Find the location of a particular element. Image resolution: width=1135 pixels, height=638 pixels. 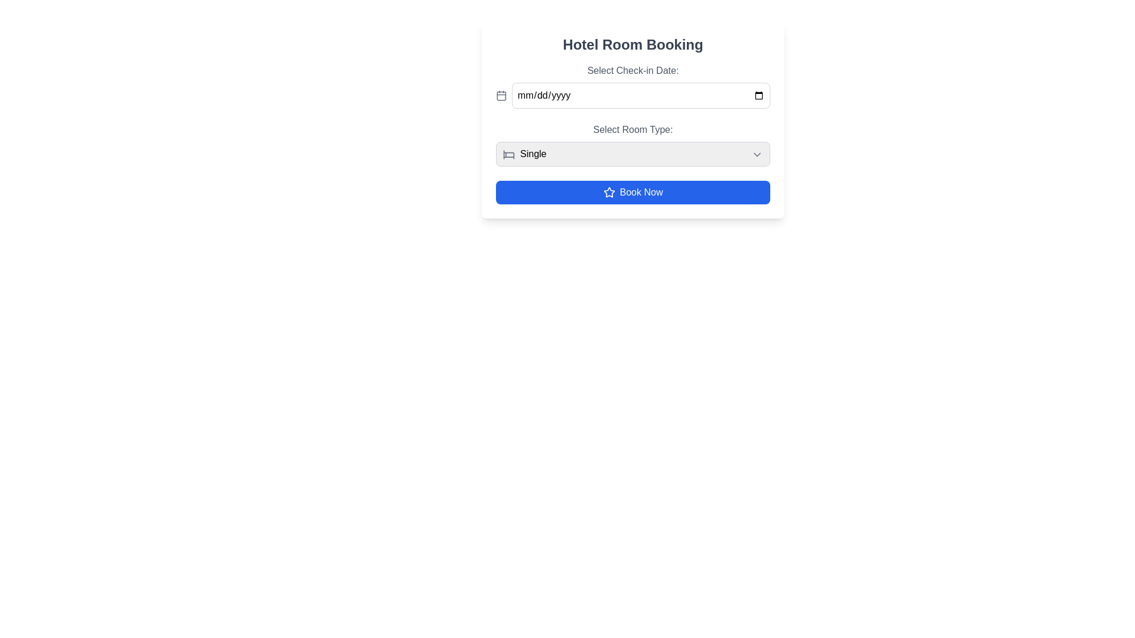

the downward-pointing gray chevron icon located in the top-right corner of the 'Select Room Type' input field is located at coordinates (757, 154).